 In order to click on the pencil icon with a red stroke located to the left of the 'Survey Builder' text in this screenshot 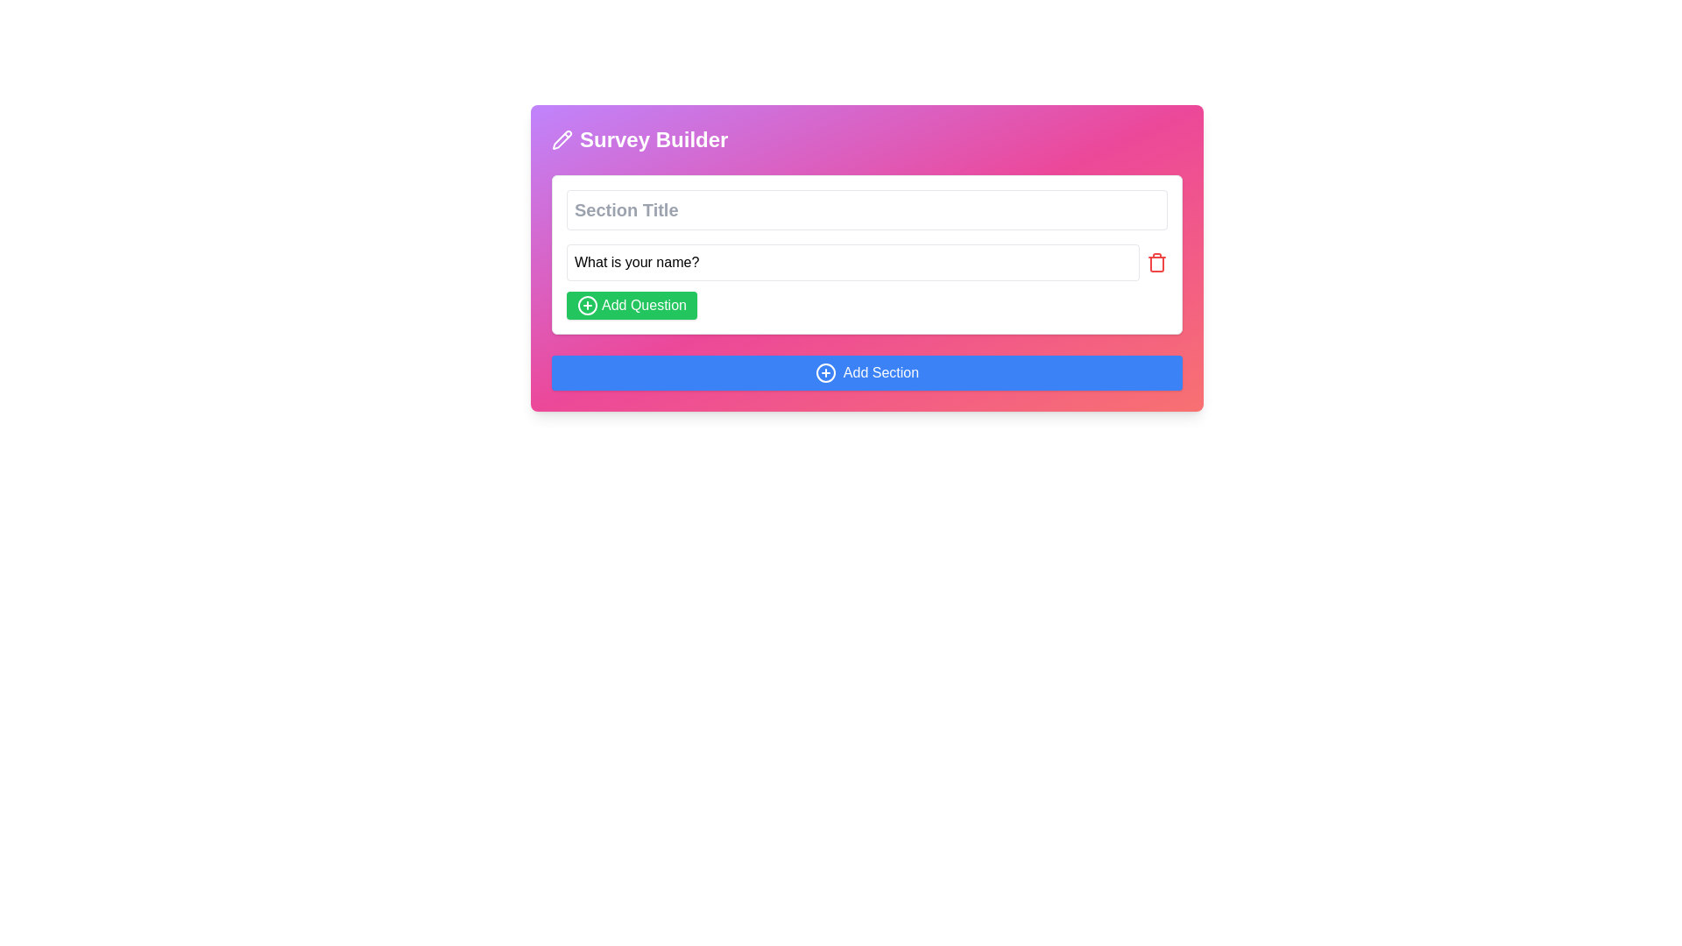, I will do `click(562, 138)`.